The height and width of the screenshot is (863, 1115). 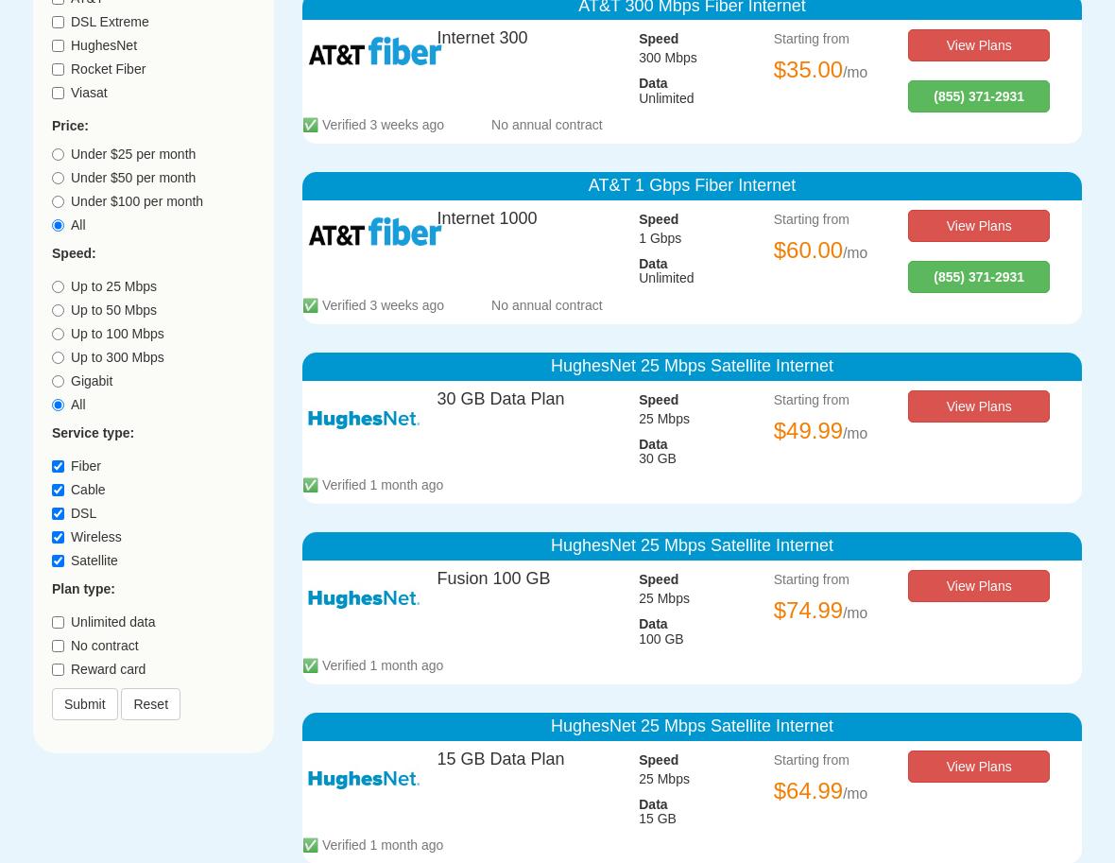 I want to click on '30 GB', so click(x=656, y=456).